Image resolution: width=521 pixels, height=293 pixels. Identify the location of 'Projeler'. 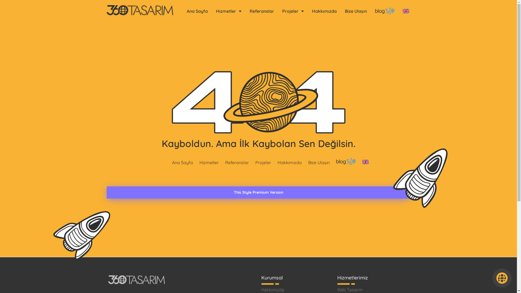
(293, 11).